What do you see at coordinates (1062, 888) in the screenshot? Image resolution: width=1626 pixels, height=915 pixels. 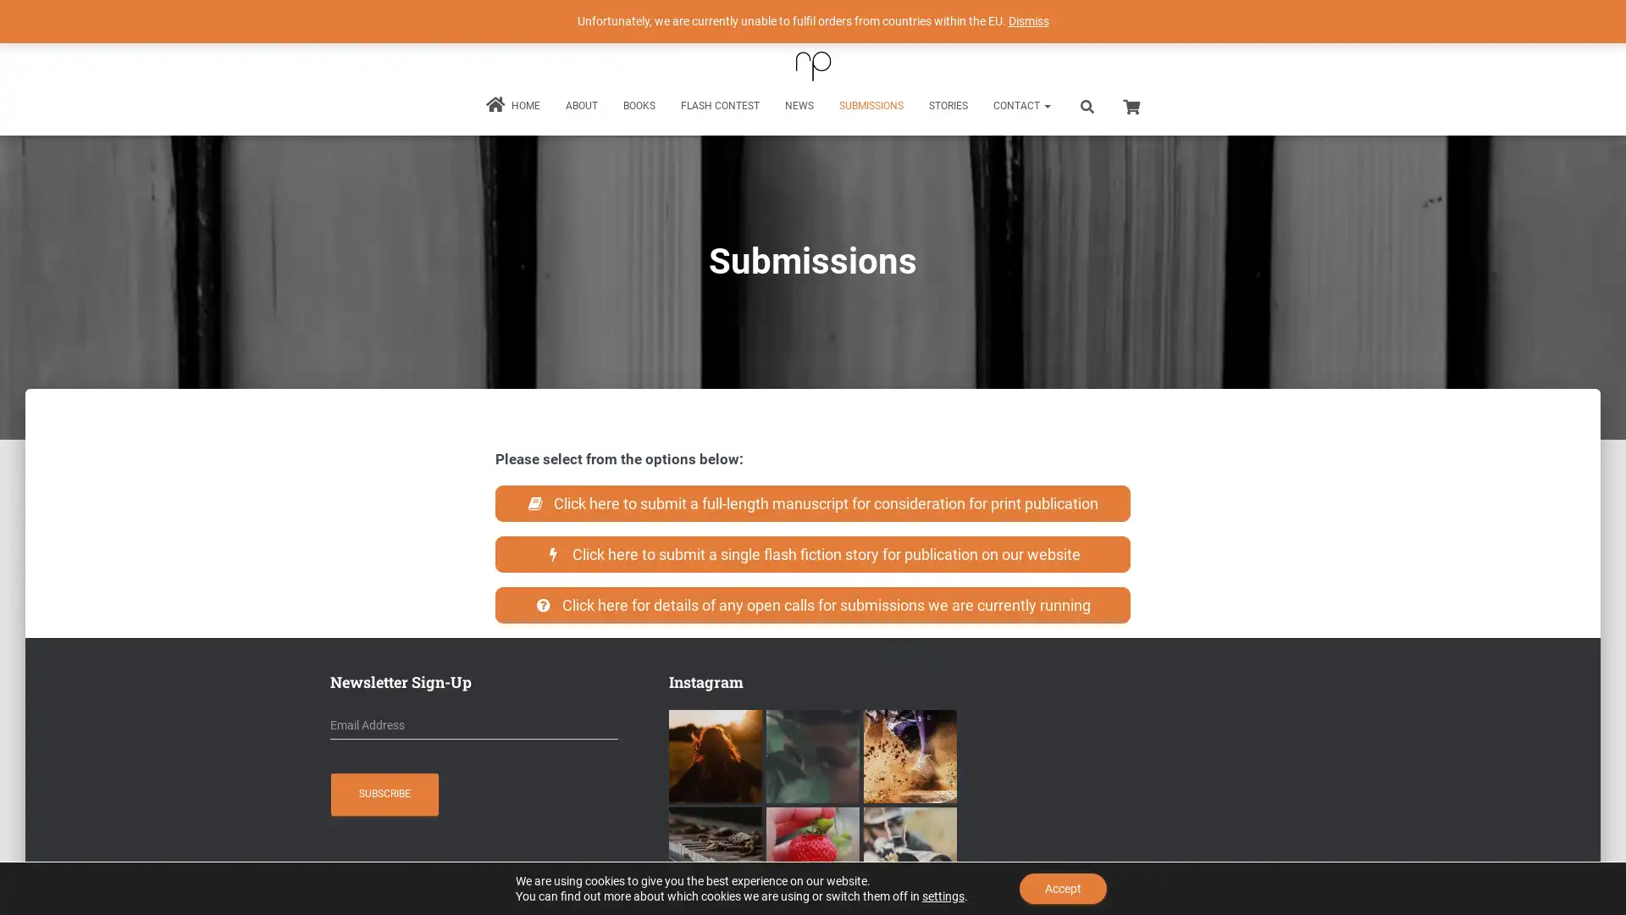 I see `Accept` at bounding box center [1062, 888].